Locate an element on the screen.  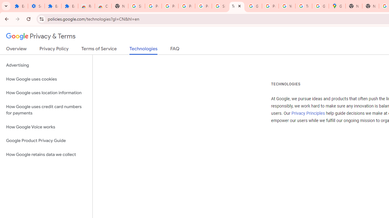
'New Tab' is located at coordinates (354, 6).